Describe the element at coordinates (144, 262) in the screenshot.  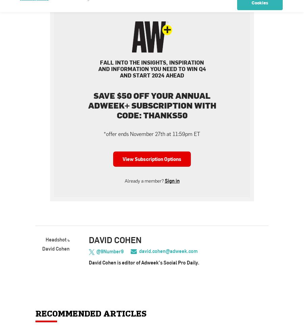
I see `'David Cohen is editor of Adweek's Social Pro Daily.'` at that location.